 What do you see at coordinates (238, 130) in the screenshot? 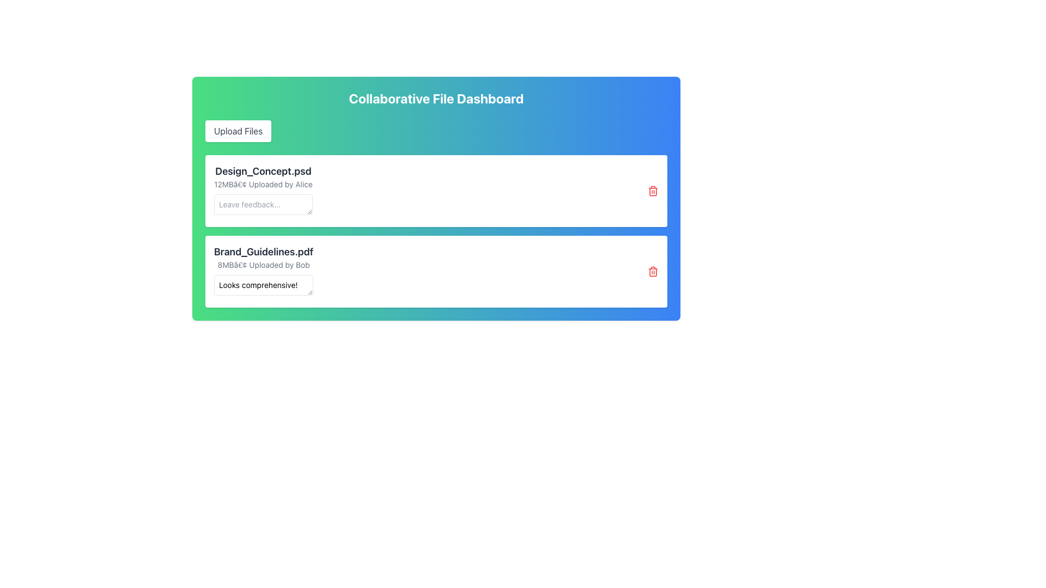
I see `and drop files onto the 'Upload Files' button, which is a rectangular button with rounded corners located at the top-left corner of the file dashboard interface` at bounding box center [238, 130].